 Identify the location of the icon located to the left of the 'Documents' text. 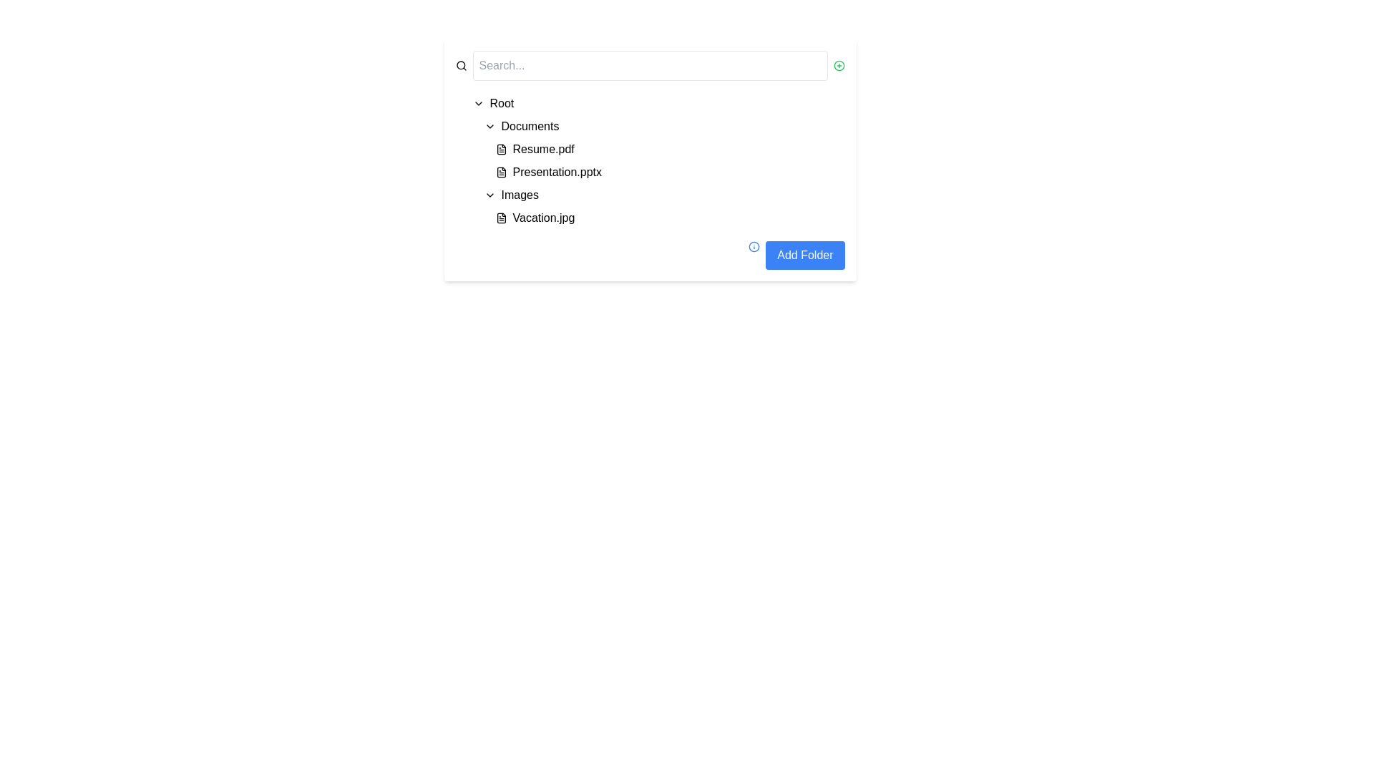
(489, 126).